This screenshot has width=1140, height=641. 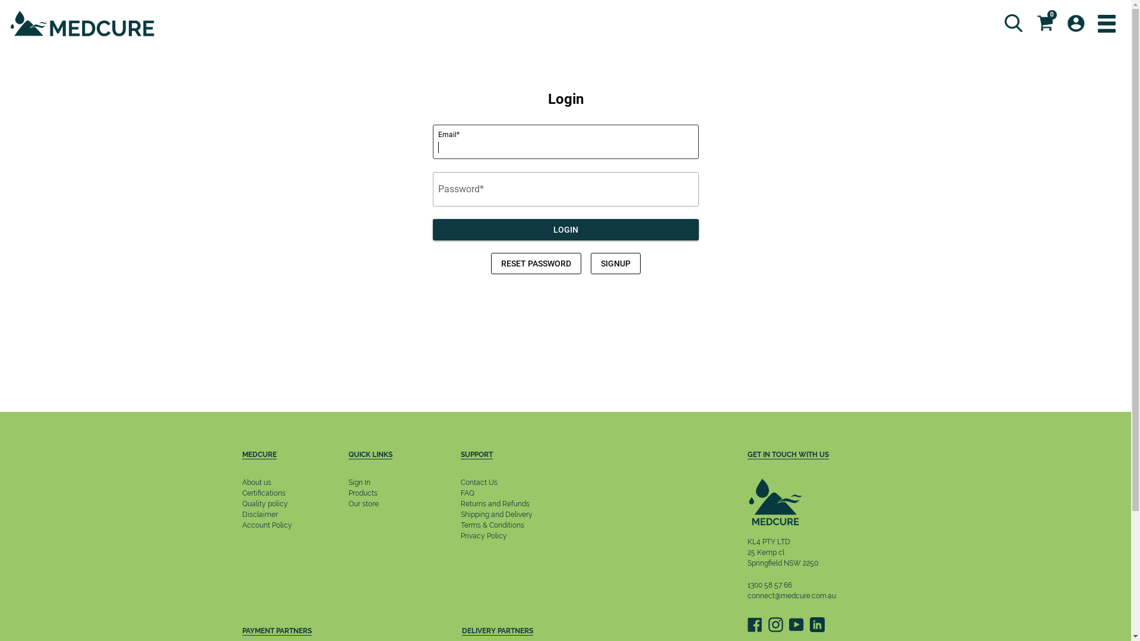 What do you see at coordinates (363, 503) in the screenshot?
I see `'Our store'` at bounding box center [363, 503].